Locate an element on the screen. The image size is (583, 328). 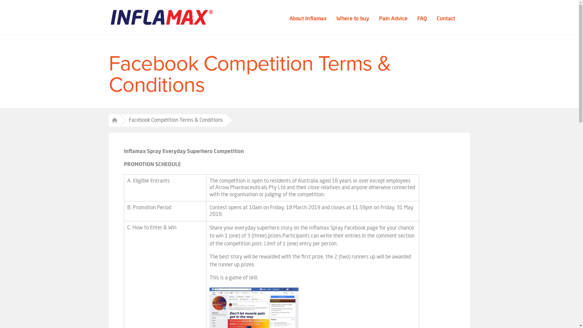
'Home' is located at coordinates (114, 121).